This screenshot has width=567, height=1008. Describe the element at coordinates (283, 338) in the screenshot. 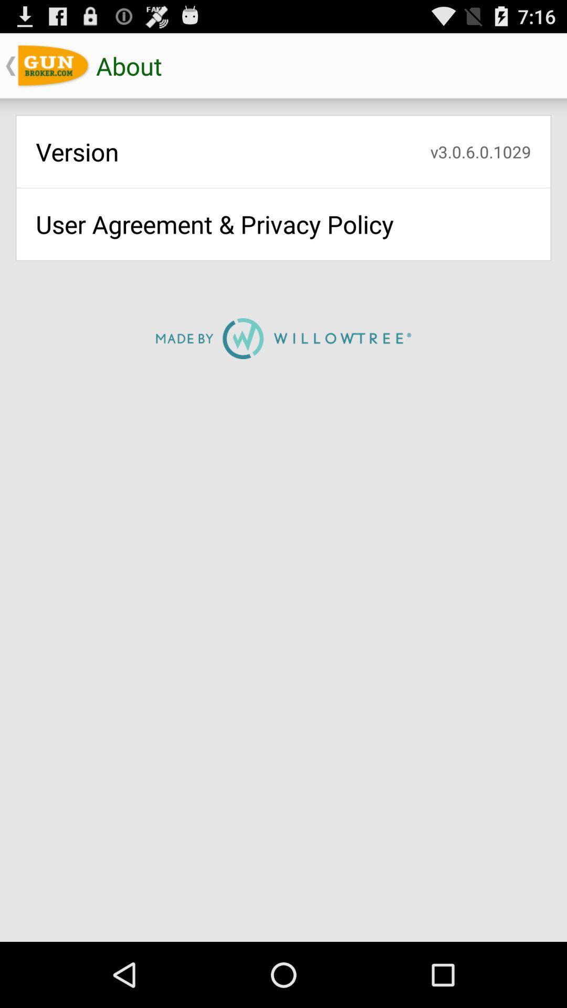

I see `the icon below user agreement privacy app` at that location.